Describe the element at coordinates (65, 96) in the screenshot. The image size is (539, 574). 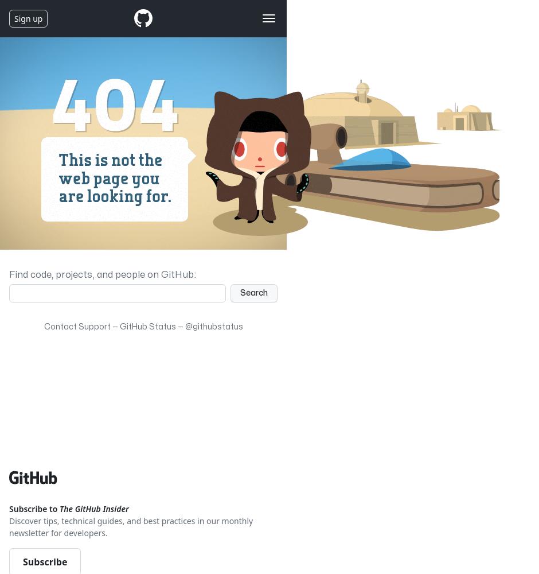
I see `'Security'` at that location.